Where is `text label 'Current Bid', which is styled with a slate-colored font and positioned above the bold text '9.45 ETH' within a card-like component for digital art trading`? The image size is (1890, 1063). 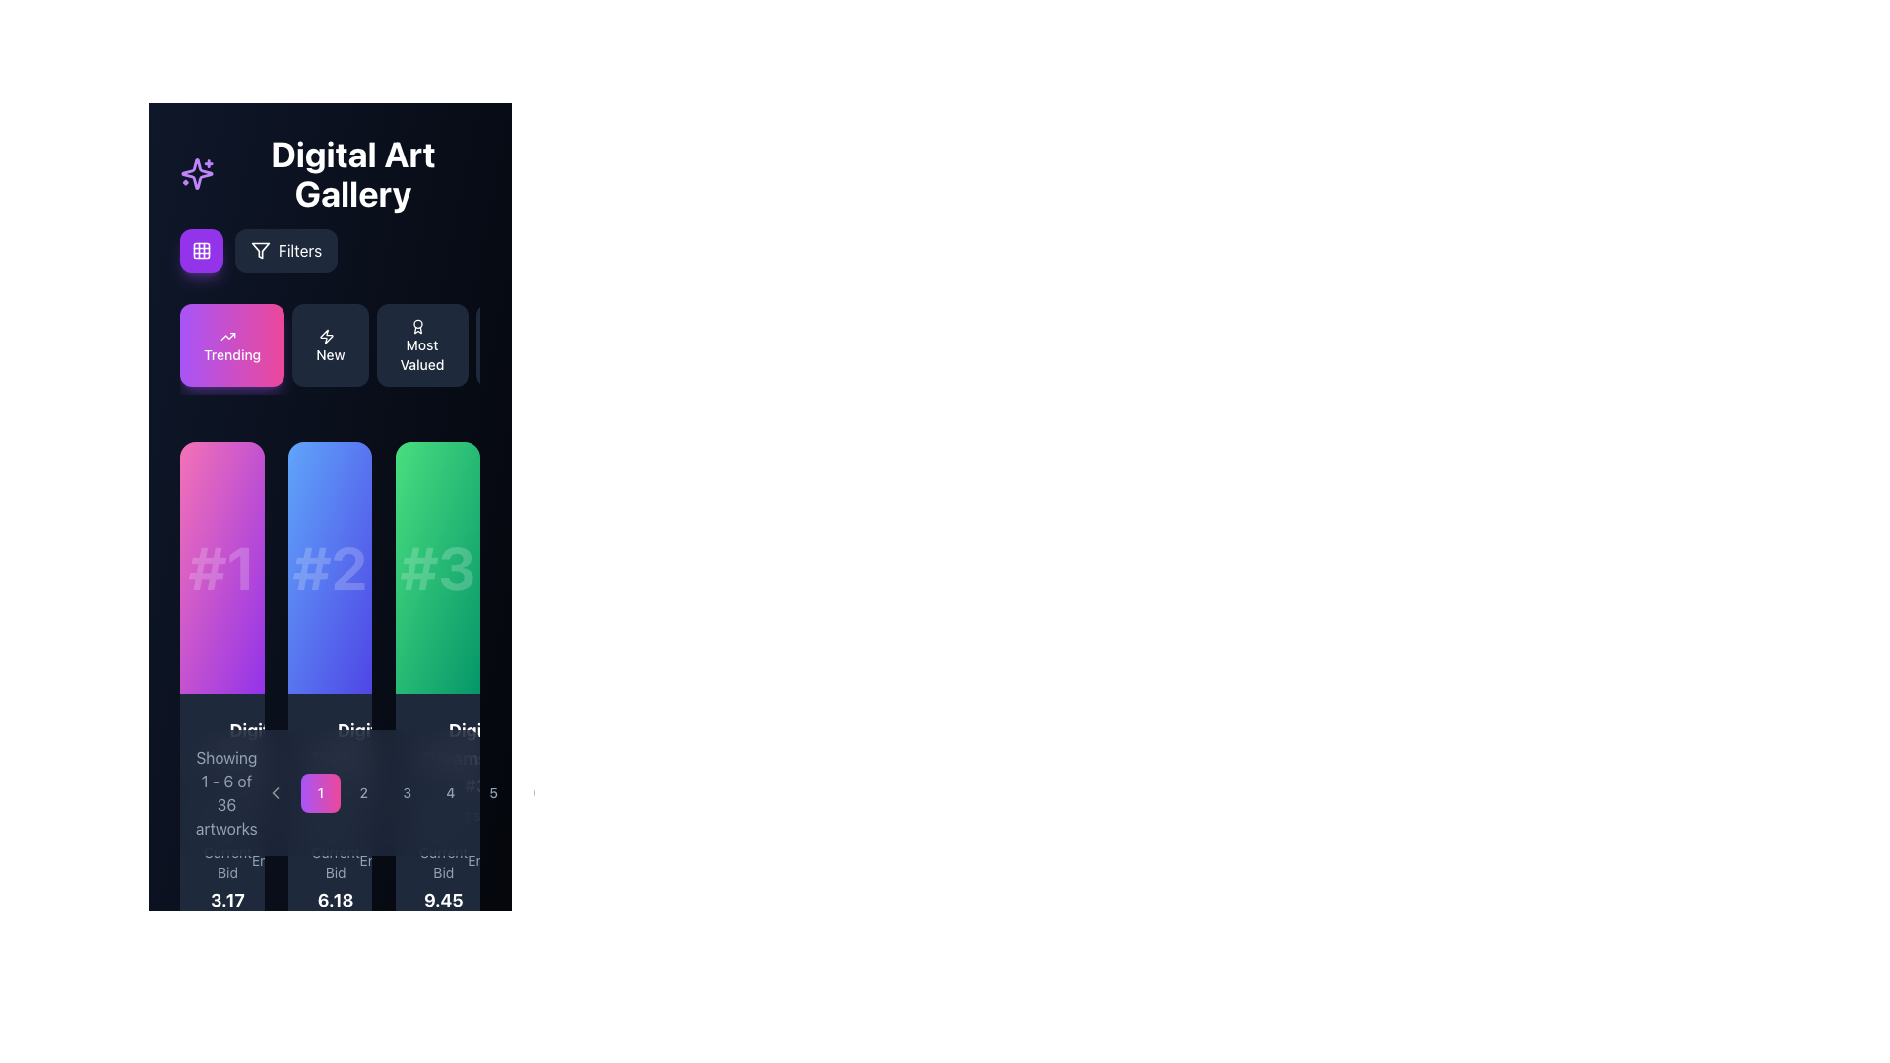 text label 'Current Bid', which is styled with a slate-colored font and positioned above the bold text '9.45 ETH' within a card-like component for digital art trading is located at coordinates (442, 861).